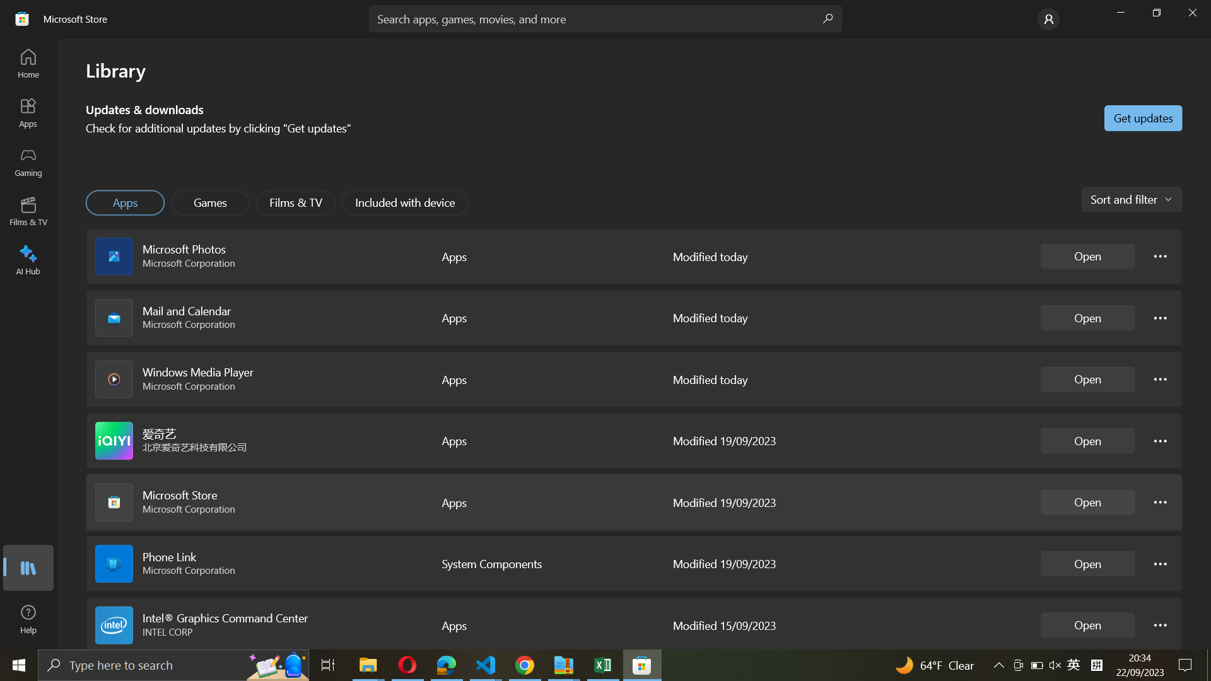 The height and width of the screenshot is (681, 1211). Describe the element at coordinates (1161, 315) in the screenshot. I see `Mail and calendar settings` at that location.